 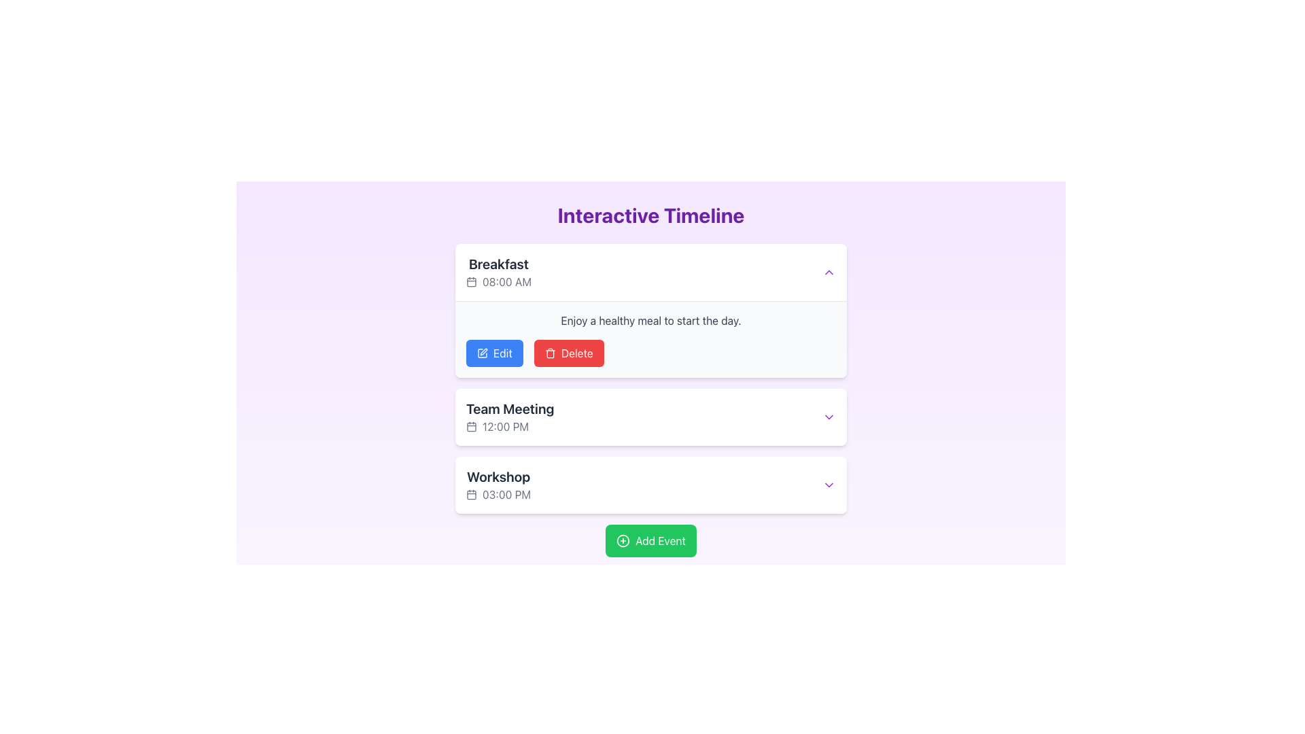 What do you see at coordinates (650, 320) in the screenshot?
I see `static text element displaying 'Enjoy a healthy meal to start the day.' located in the 'Breakfast' event entry block, positioned above the 'Edit' and 'Delete' buttons` at bounding box center [650, 320].